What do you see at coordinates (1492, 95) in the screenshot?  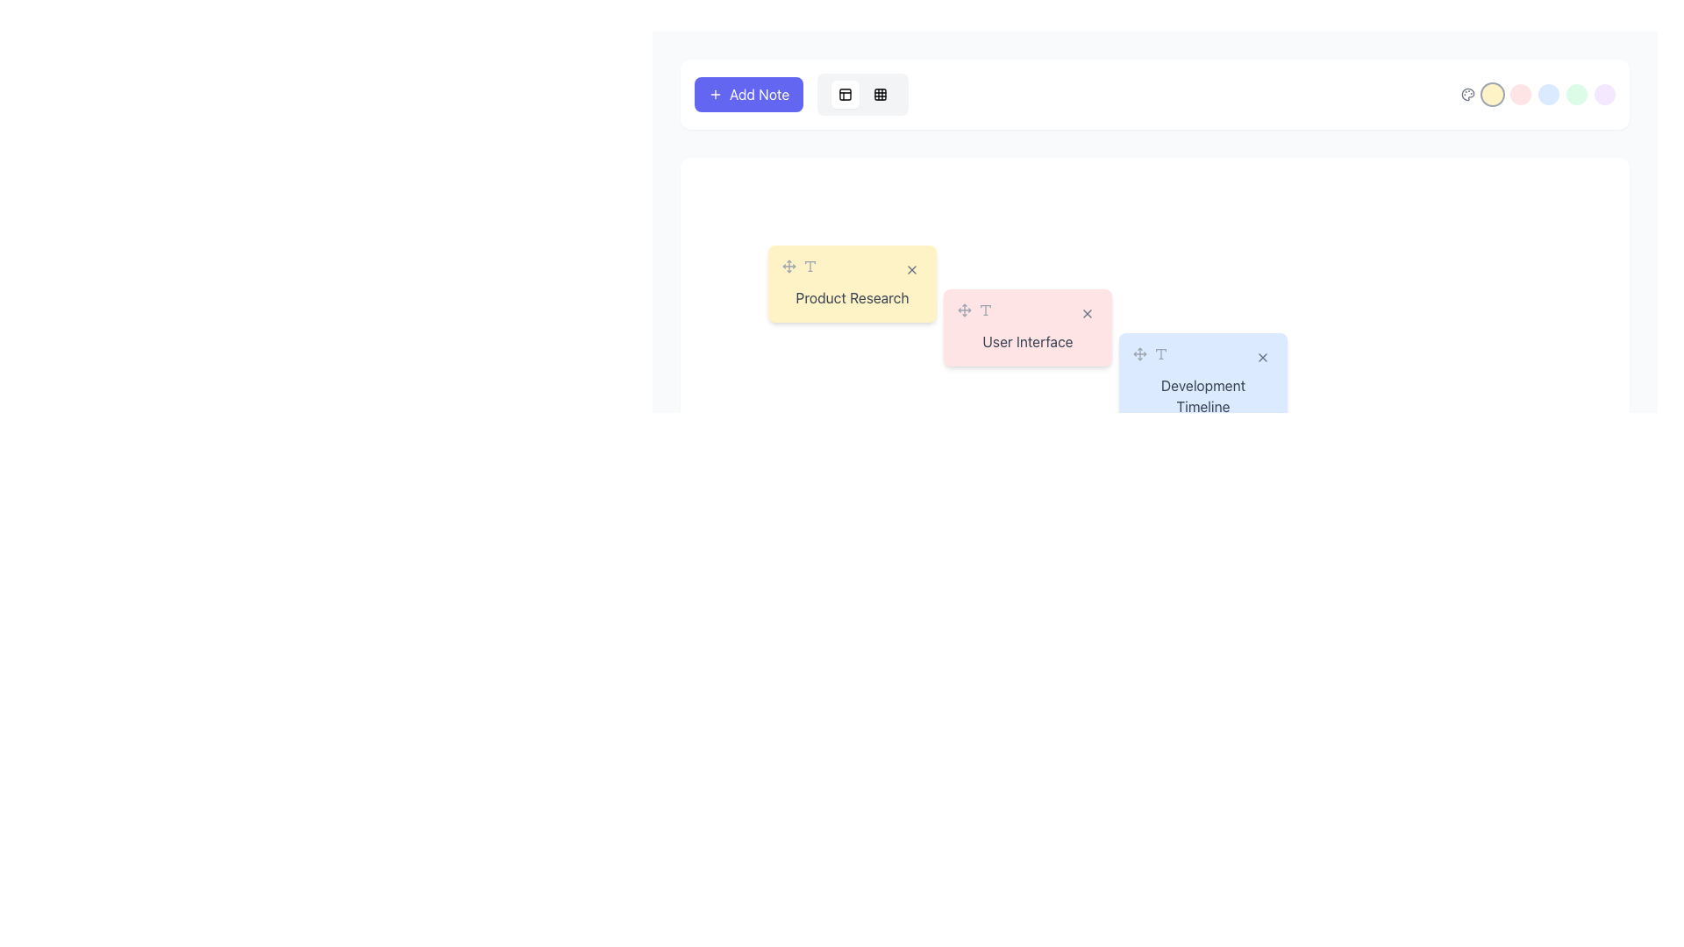 I see `the circular button with a light amber background located in the top-right section of the interface to trigger the hover effect` at bounding box center [1492, 95].